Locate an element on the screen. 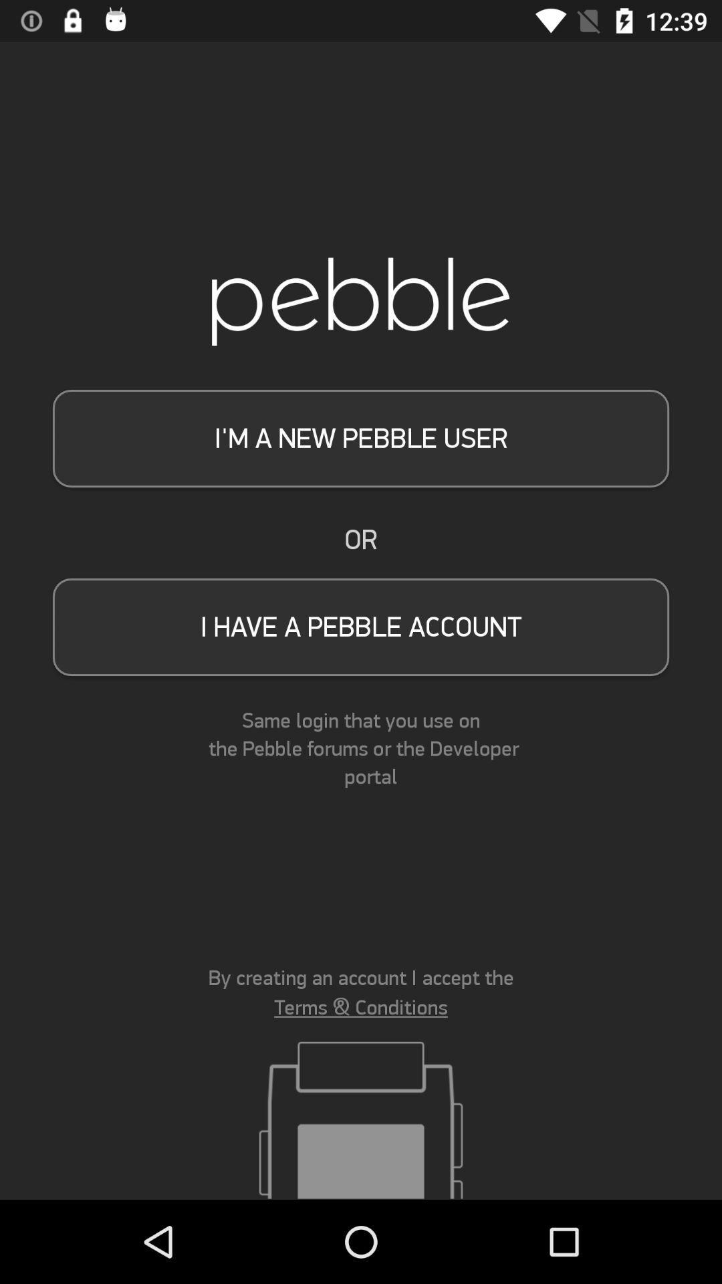 Image resolution: width=722 pixels, height=1284 pixels. item above or item is located at coordinates (361, 438).